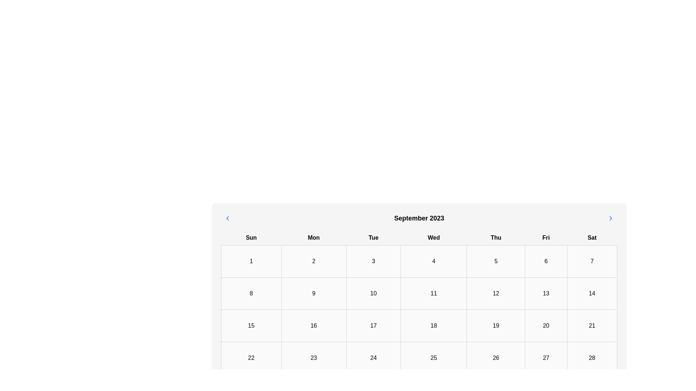 This screenshot has width=696, height=391. I want to click on the calendar cell displaying the number '19' in the fourth row and fifth cell of the calendar grid, so click(496, 325).